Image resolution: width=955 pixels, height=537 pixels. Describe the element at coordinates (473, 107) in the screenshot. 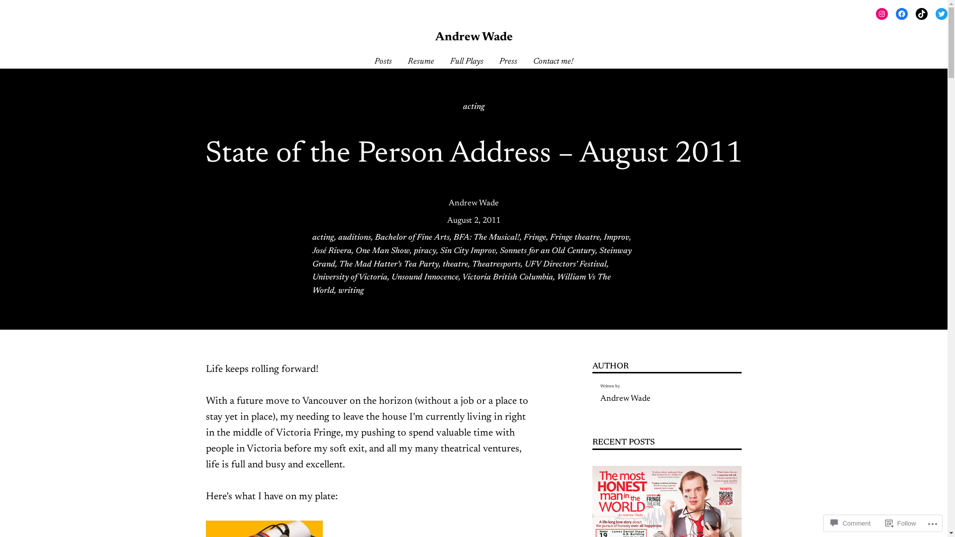

I see `'acting'` at that location.